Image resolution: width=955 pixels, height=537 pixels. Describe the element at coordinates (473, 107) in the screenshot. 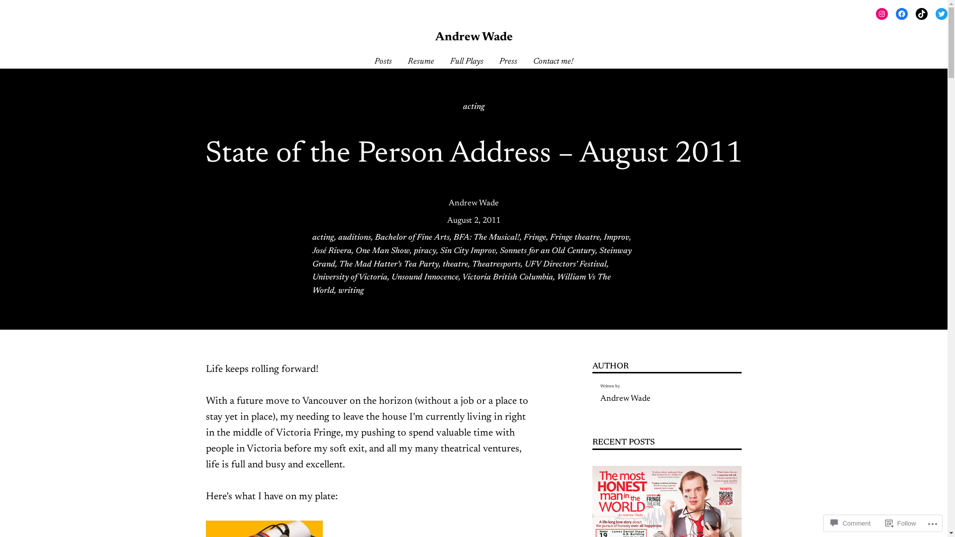

I see `'acting'` at that location.